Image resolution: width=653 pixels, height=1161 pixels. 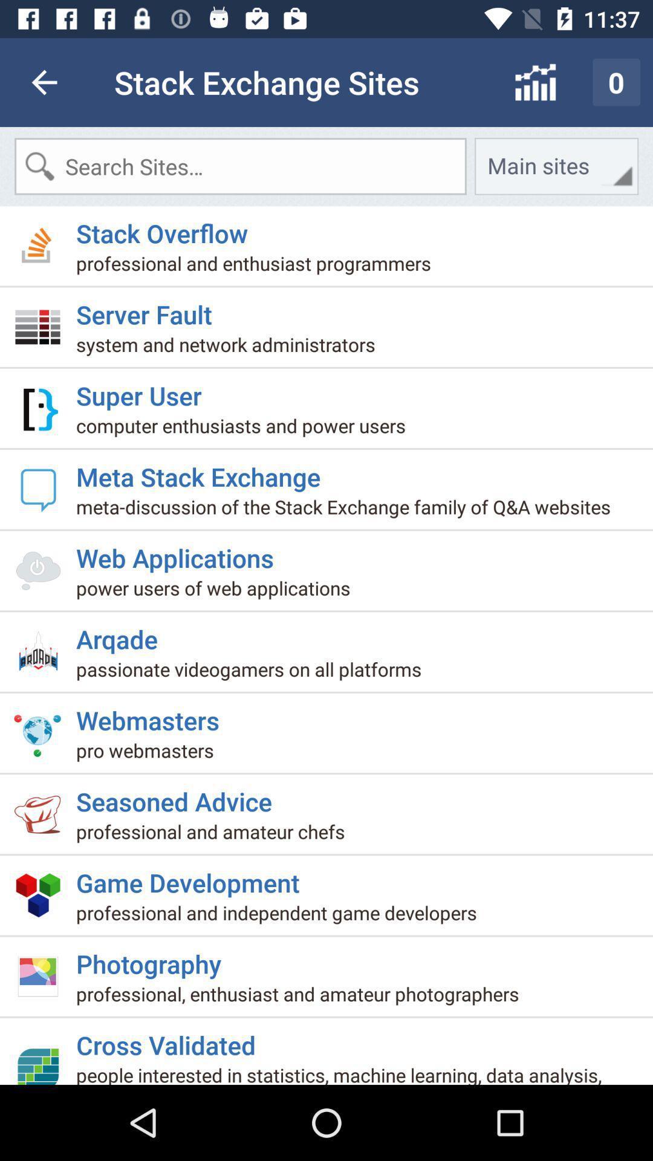 What do you see at coordinates (230, 348) in the screenshot?
I see `icon below server fault icon` at bounding box center [230, 348].